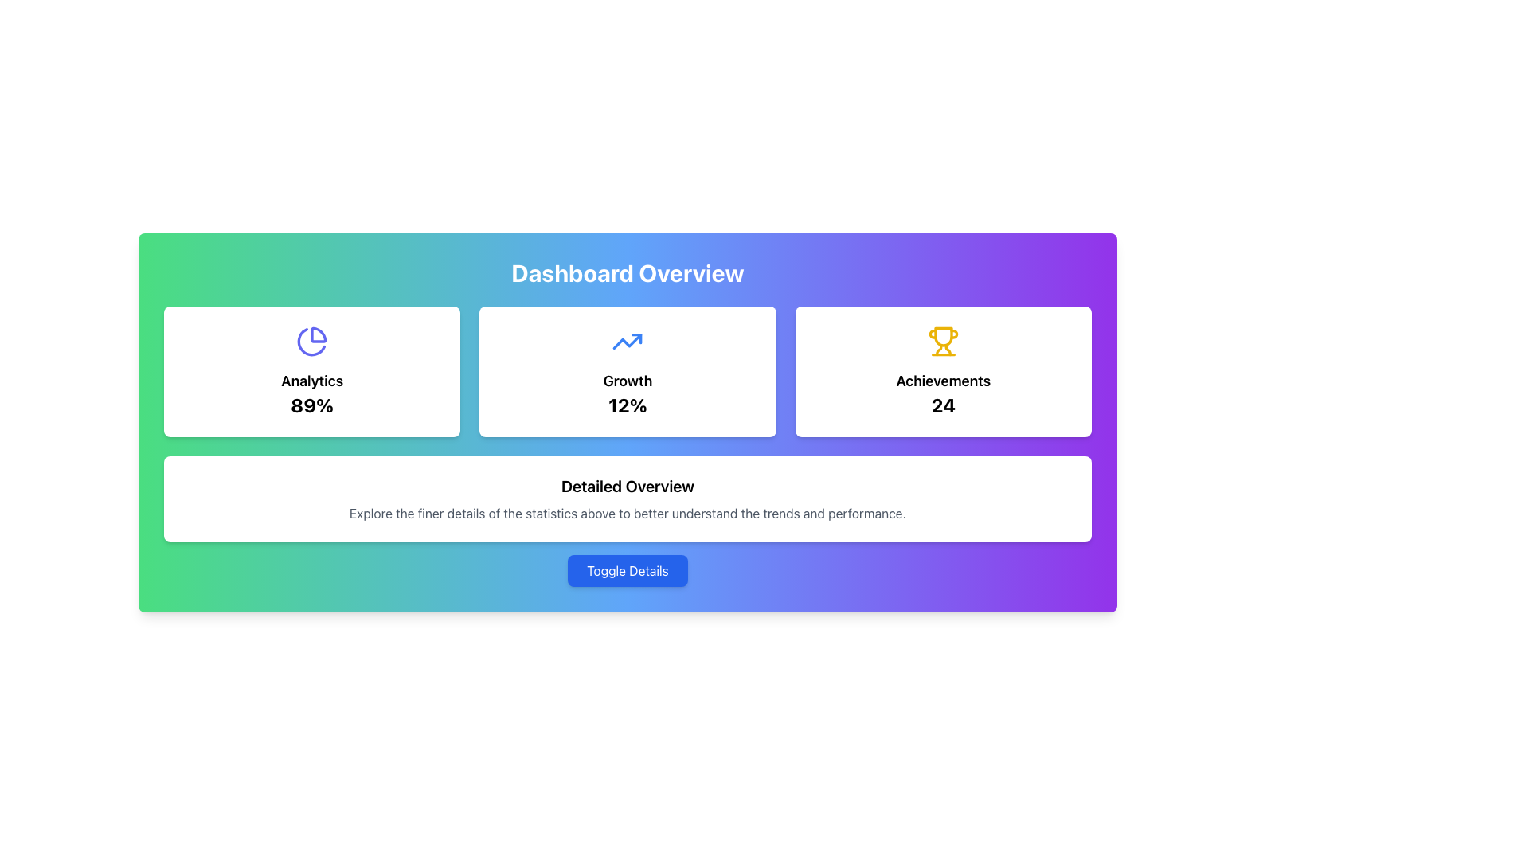 Image resolution: width=1529 pixels, height=860 pixels. Describe the element at coordinates (627, 272) in the screenshot. I see `the text header 'Dashboard Overview' which is styled in bold, large white font against a gradient background` at that location.